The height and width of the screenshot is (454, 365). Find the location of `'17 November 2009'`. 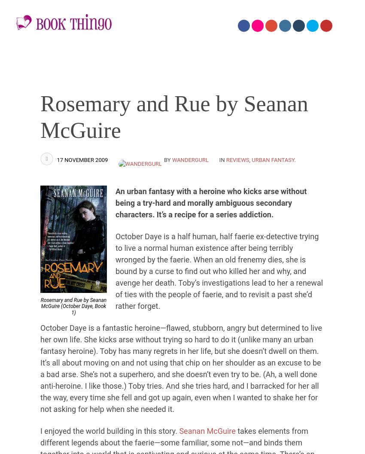

'17 November 2009' is located at coordinates (82, 160).